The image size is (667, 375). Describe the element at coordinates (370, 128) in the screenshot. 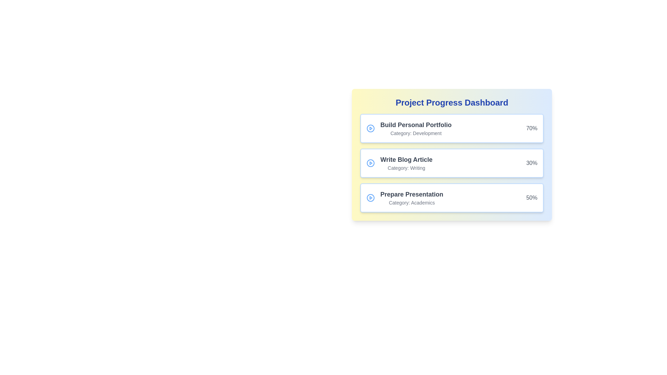

I see `the circular shape with a blue border and white background, located within the play button icon next to the 'Build Personal Portfolio' label` at that location.